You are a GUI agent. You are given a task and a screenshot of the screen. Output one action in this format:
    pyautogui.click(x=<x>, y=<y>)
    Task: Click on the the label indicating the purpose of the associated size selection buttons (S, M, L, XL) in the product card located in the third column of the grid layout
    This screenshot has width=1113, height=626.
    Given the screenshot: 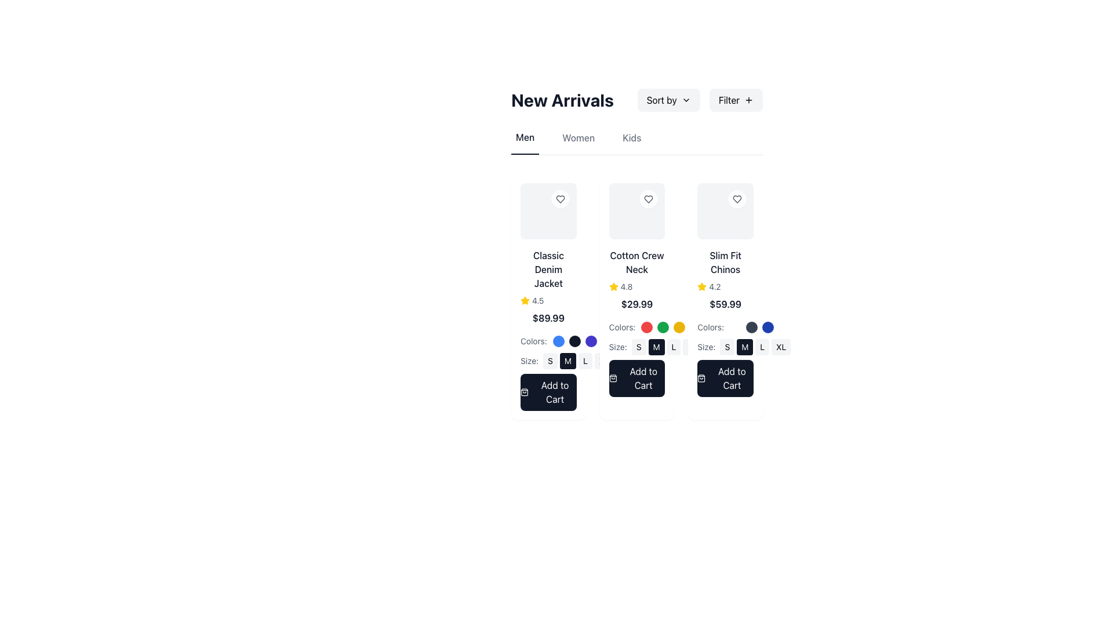 What is the action you would take?
    pyautogui.click(x=705, y=346)
    